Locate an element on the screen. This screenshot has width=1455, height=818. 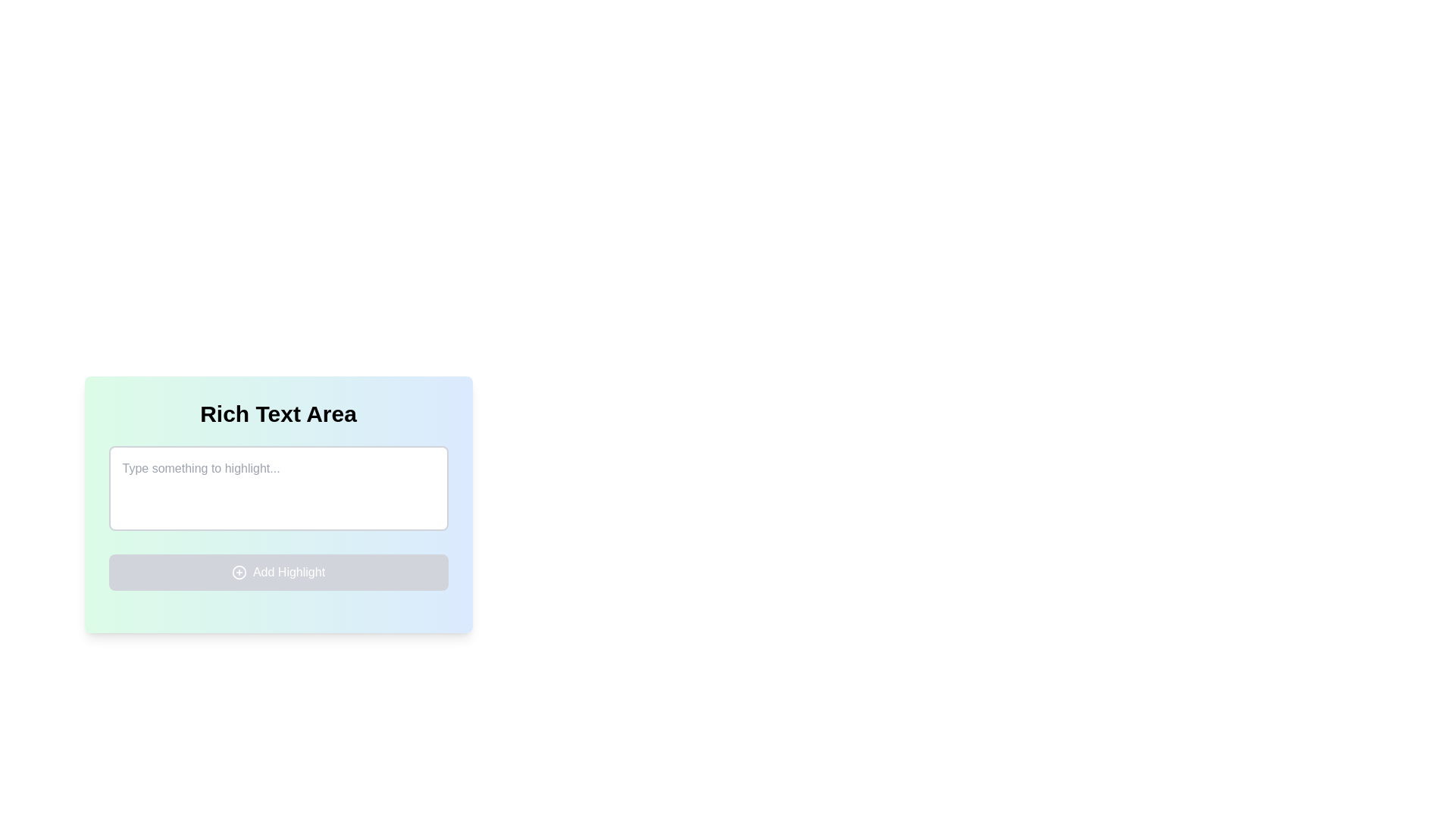
the circular icon with a plus sign that is located to the left of the 'Add Highlight' text at the bottom of the interface is located at coordinates (238, 573).